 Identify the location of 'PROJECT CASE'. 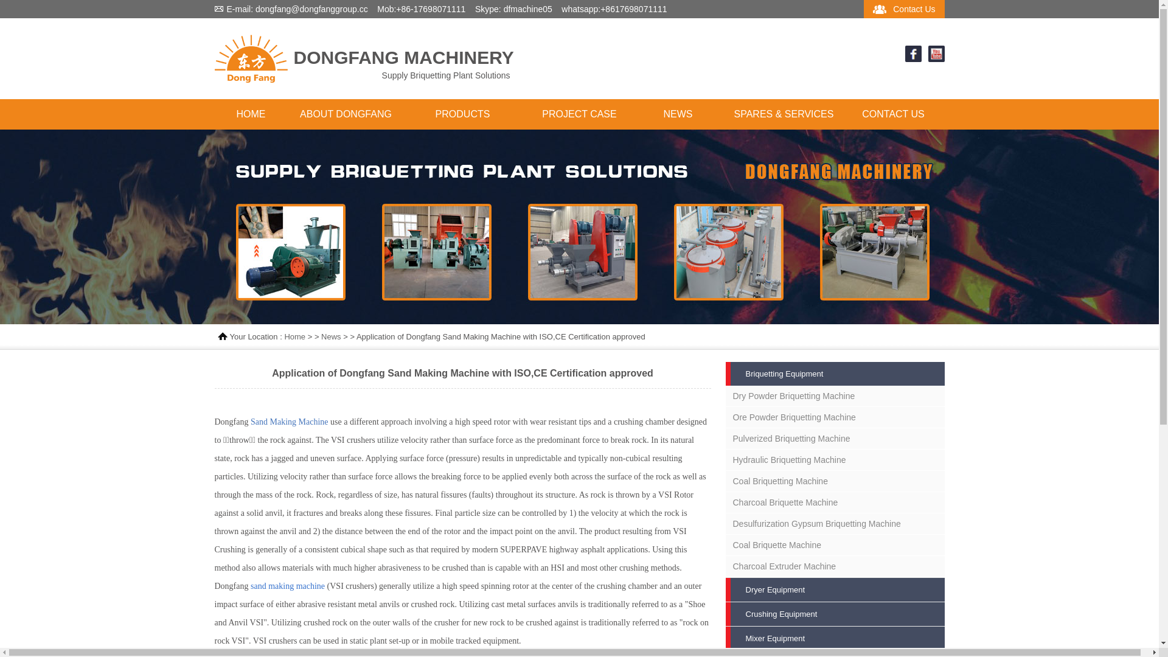
(578, 114).